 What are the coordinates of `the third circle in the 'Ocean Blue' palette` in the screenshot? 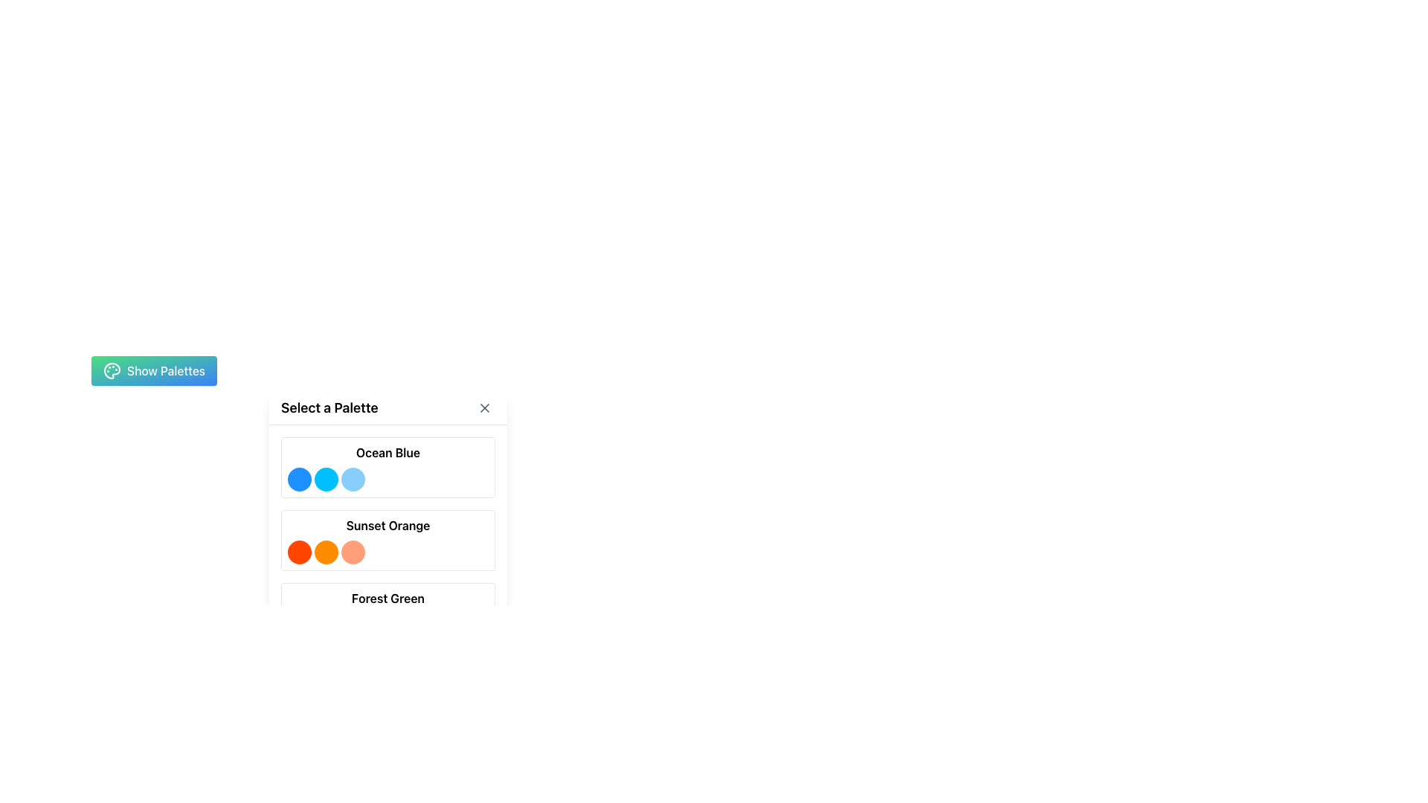 It's located at (353, 479).